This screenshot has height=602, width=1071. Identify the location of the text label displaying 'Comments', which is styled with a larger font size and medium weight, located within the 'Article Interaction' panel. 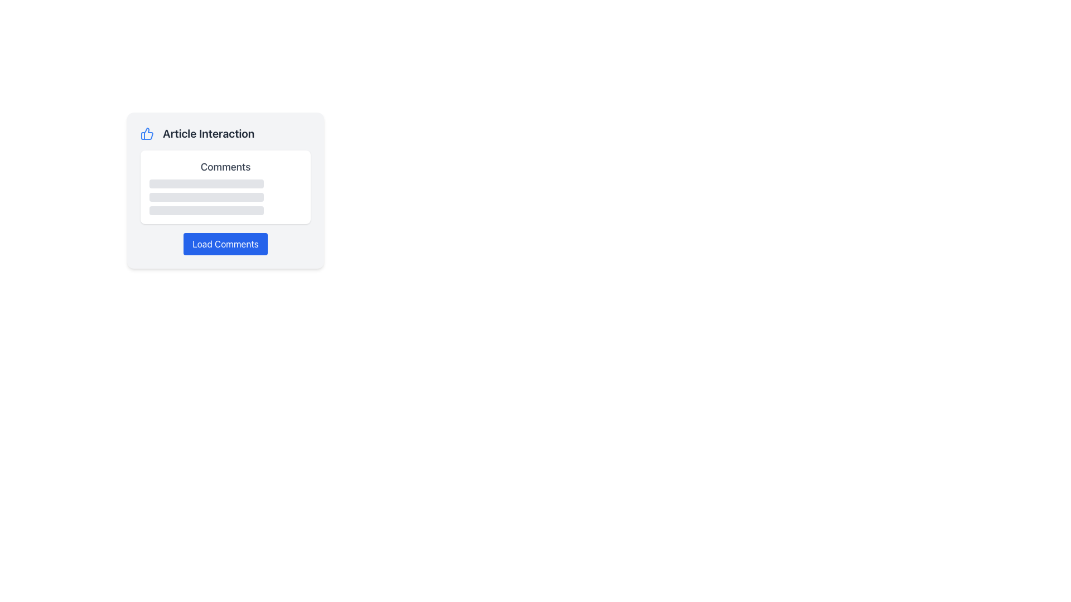
(225, 167).